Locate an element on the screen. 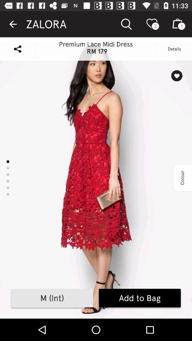  the icon which is beside zalora is located at coordinates (126, 24).